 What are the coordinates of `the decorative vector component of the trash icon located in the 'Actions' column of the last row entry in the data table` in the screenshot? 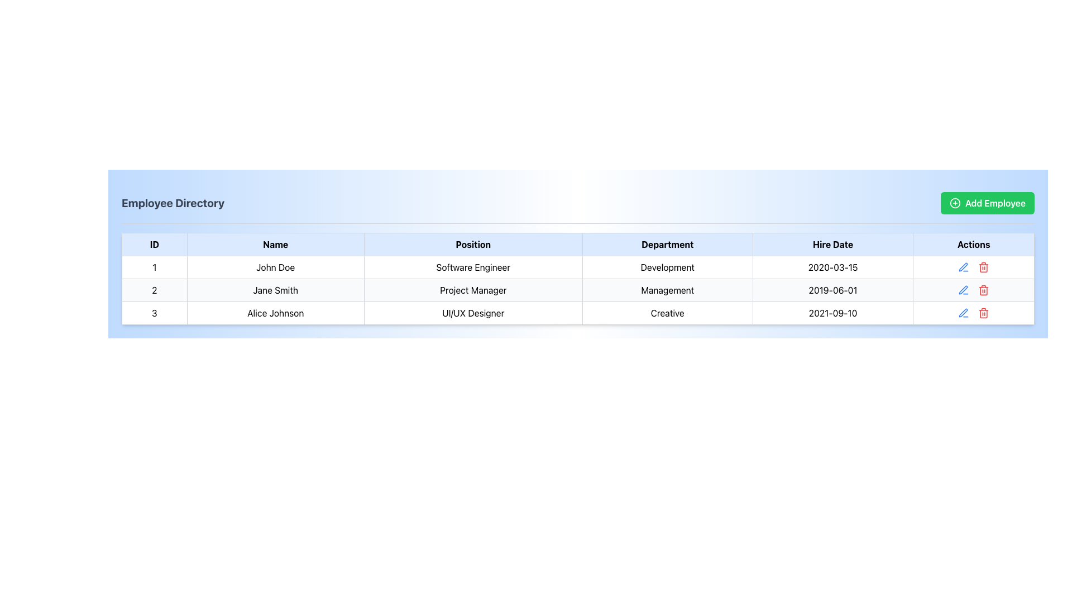 It's located at (984, 314).